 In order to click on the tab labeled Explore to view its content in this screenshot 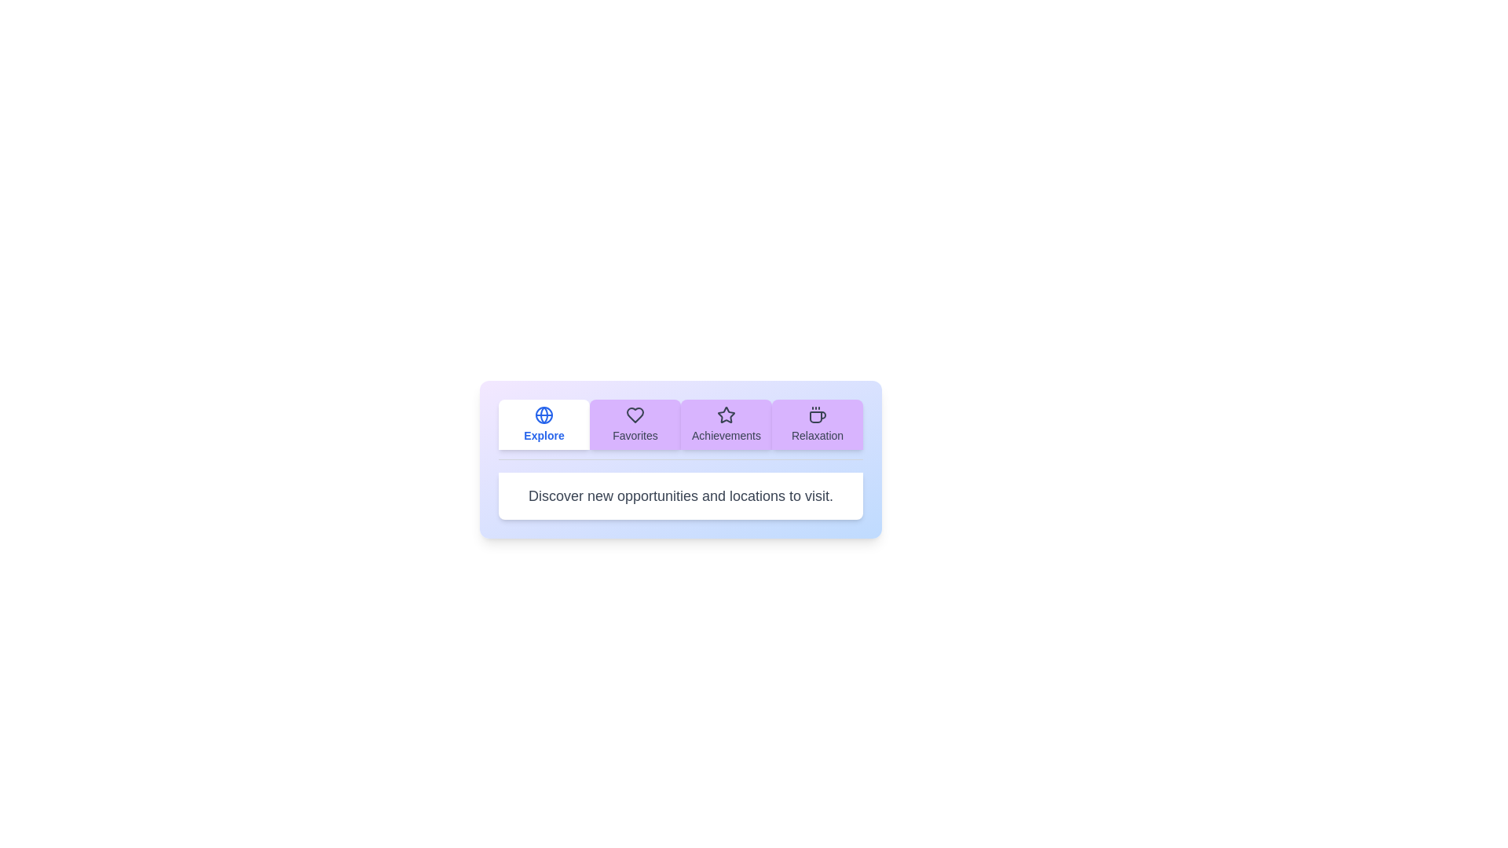, I will do `click(544, 424)`.